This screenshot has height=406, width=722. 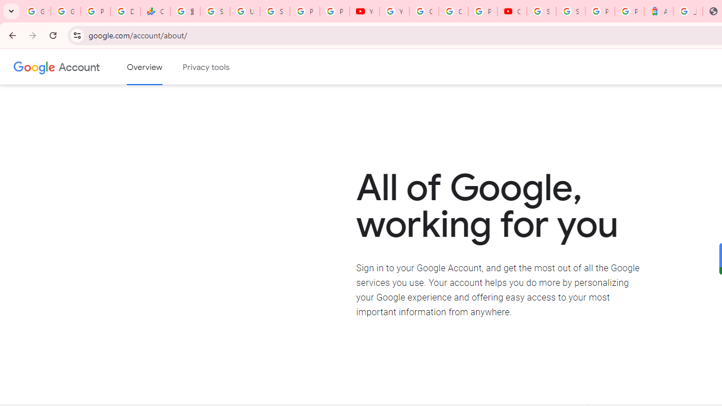 I want to click on 'Create your Google Account', so click(x=453, y=11).